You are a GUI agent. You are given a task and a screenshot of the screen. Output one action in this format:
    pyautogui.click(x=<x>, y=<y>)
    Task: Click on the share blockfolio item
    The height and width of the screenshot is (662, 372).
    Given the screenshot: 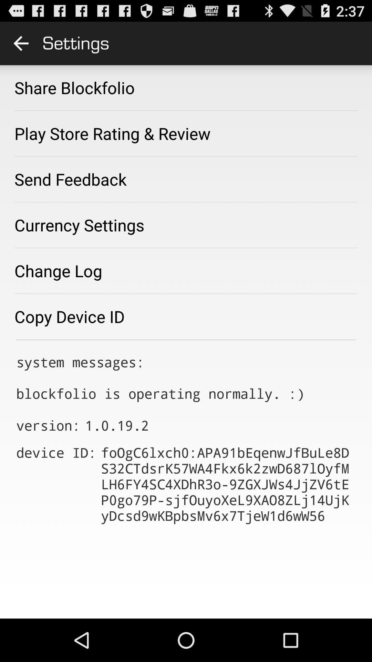 What is the action you would take?
    pyautogui.click(x=74, y=87)
    